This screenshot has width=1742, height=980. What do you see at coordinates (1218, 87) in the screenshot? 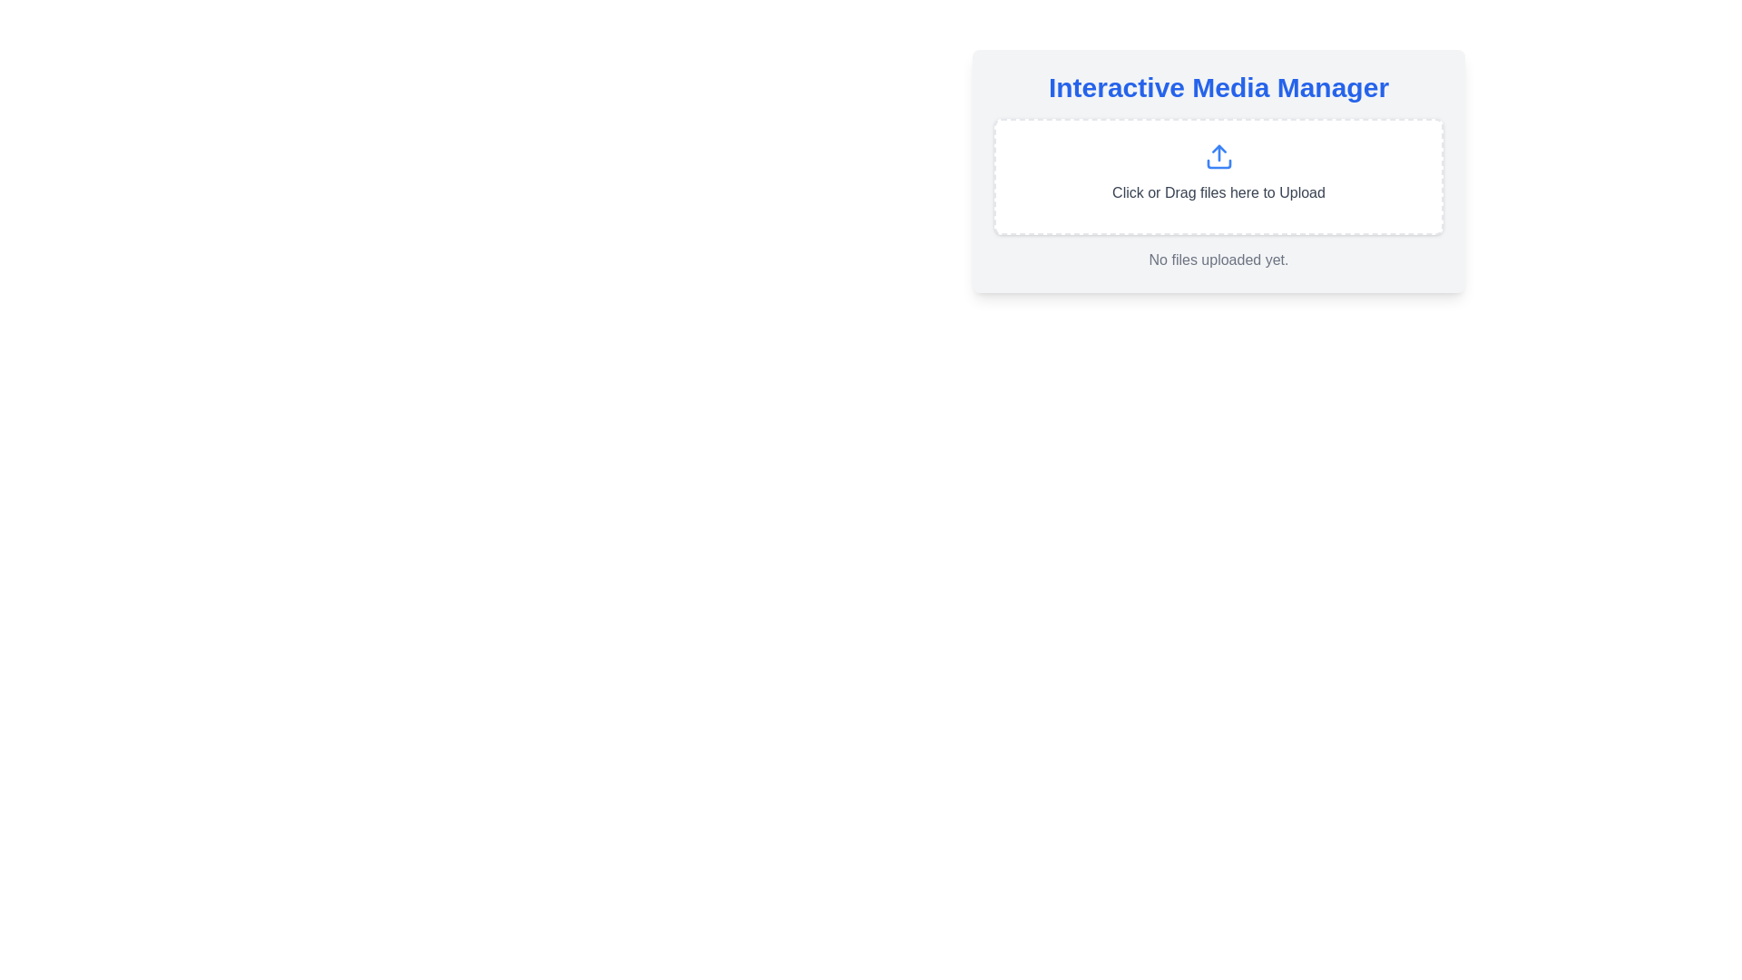
I see `the 'Interactive Media Manager' text header, which is prominently displayed in blue at the top of its section with a clean and modern typography` at bounding box center [1218, 87].